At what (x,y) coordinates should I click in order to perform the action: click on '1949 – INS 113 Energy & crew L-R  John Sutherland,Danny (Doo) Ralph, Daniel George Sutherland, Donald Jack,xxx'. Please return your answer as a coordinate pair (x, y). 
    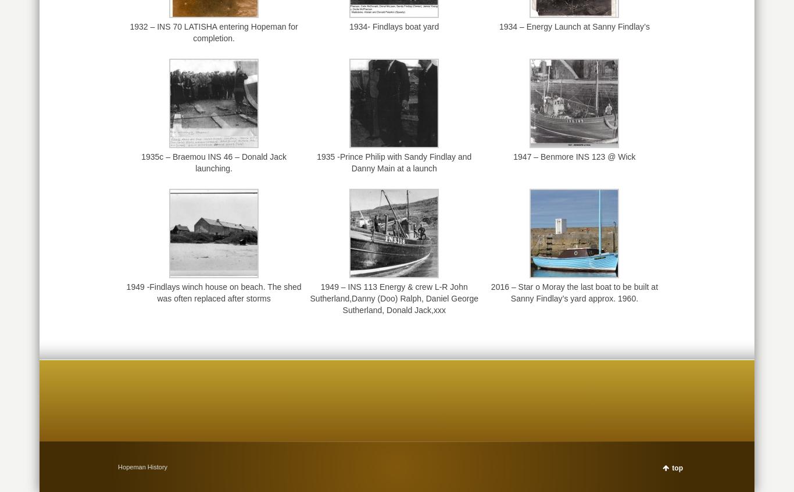
    Looking at the image, I should click on (393, 297).